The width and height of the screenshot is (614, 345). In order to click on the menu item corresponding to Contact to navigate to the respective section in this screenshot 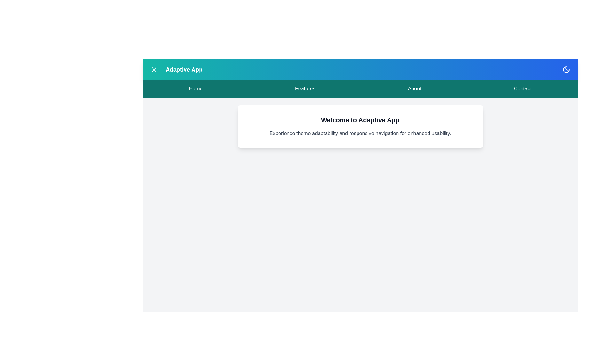, I will do `click(522, 88)`.